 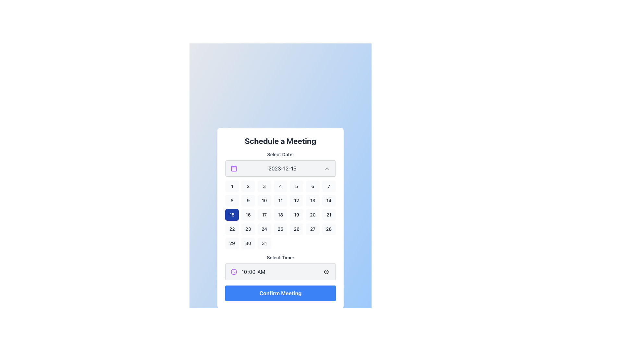 What do you see at coordinates (296, 228) in the screenshot?
I see `the button representing the 26th day of the month in the date selection interface` at bounding box center [296, 228].